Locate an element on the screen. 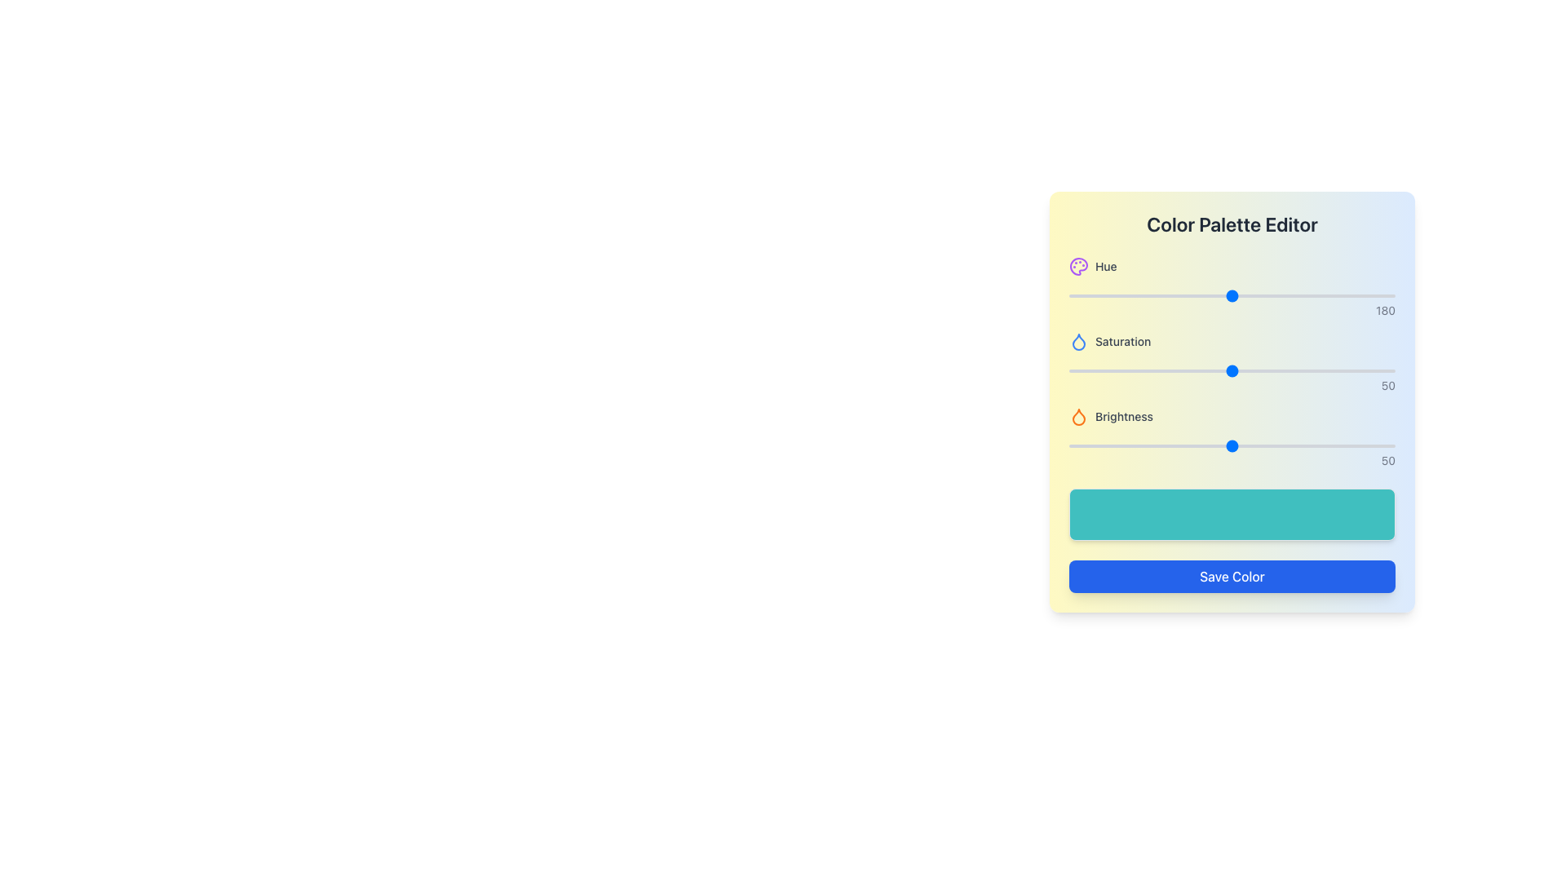 The height and width of the screenshot is (881, 1566). the brightness is located at coordinates (1222, 446).